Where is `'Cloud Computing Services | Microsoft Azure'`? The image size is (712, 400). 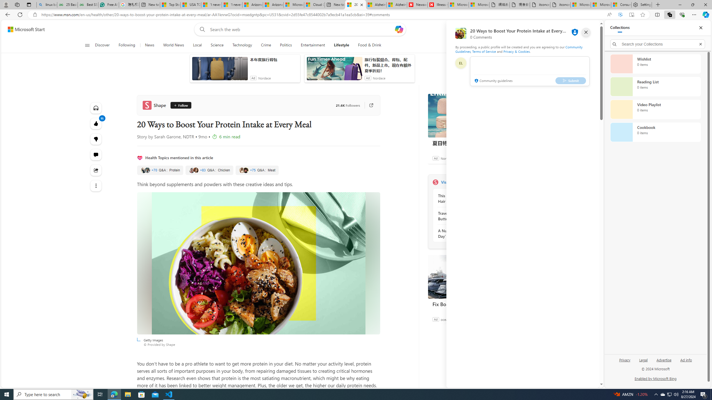 'Cloud Computing Services | Microsoft Azure' is located at coordinates (314, 4).